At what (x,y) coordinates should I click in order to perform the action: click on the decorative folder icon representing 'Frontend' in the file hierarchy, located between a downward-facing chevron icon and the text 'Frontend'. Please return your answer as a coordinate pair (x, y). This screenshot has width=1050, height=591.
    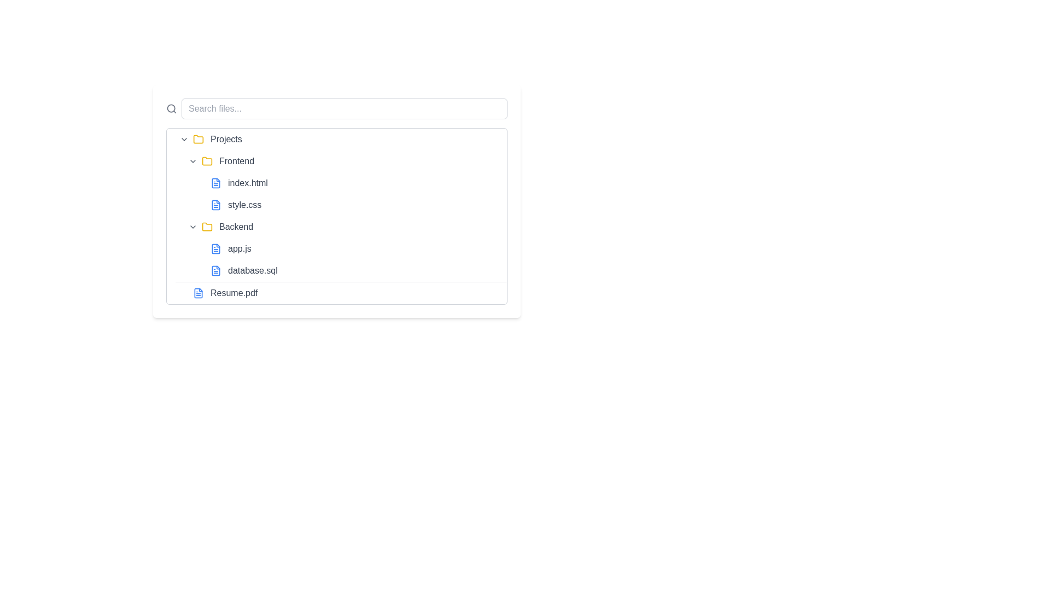
    Looking at the image, I should click on (207, 161).